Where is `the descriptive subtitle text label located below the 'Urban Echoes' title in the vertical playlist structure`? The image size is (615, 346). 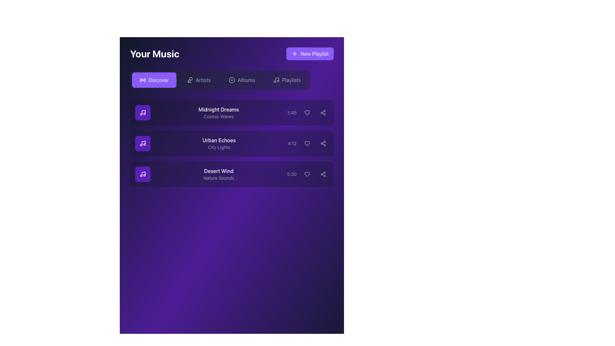 the descriptive subtitle text label located below the 'Urban Echoes' title in the vertical playlist structure is located at coordinates (219, 147).